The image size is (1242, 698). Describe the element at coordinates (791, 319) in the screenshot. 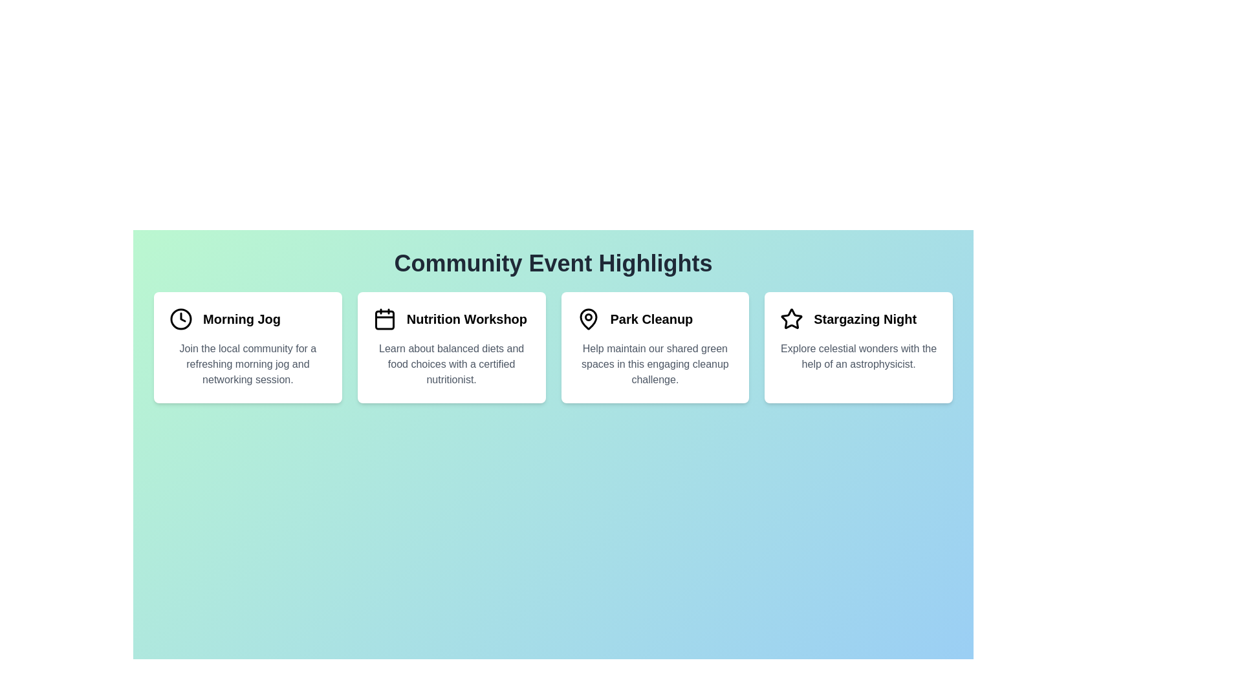

I see `the star-shaped outline icon located in the bottom right corner of the layout, adjacent to the heading 'Stargazing Night'` at that location.